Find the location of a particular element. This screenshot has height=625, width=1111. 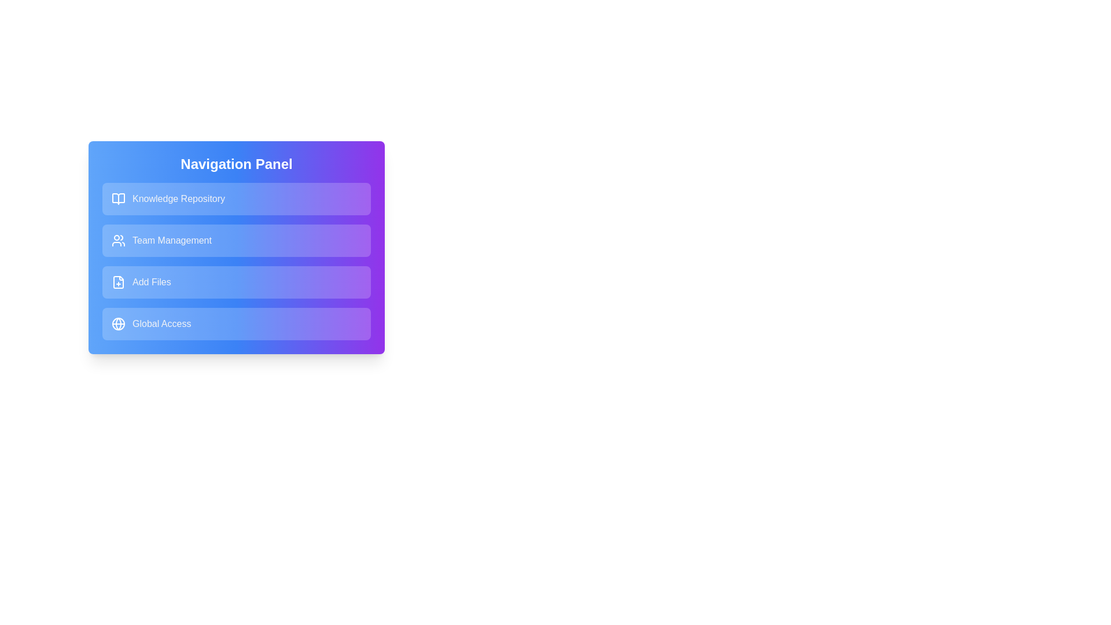

the navigation item labeled Add Files is located at coordinates (236, 282).